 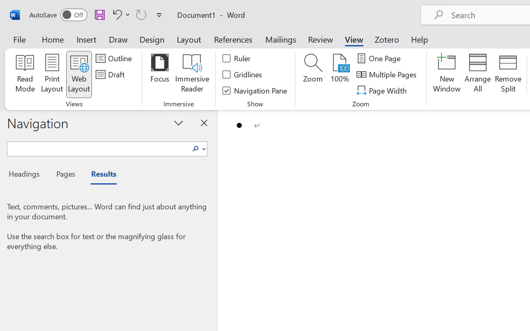 I want to click on 'One Page', so click(x=379, y=58).